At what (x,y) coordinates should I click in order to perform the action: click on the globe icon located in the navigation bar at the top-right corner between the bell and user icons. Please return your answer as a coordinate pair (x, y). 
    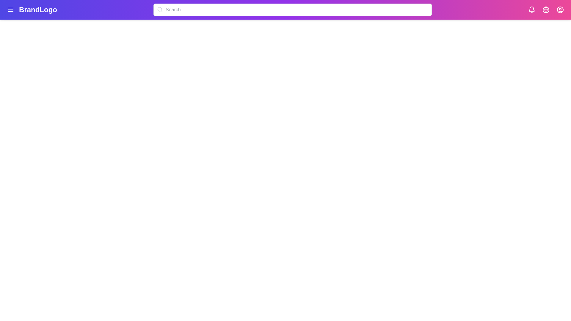
    Looking at the image, I should click on (546, 10).